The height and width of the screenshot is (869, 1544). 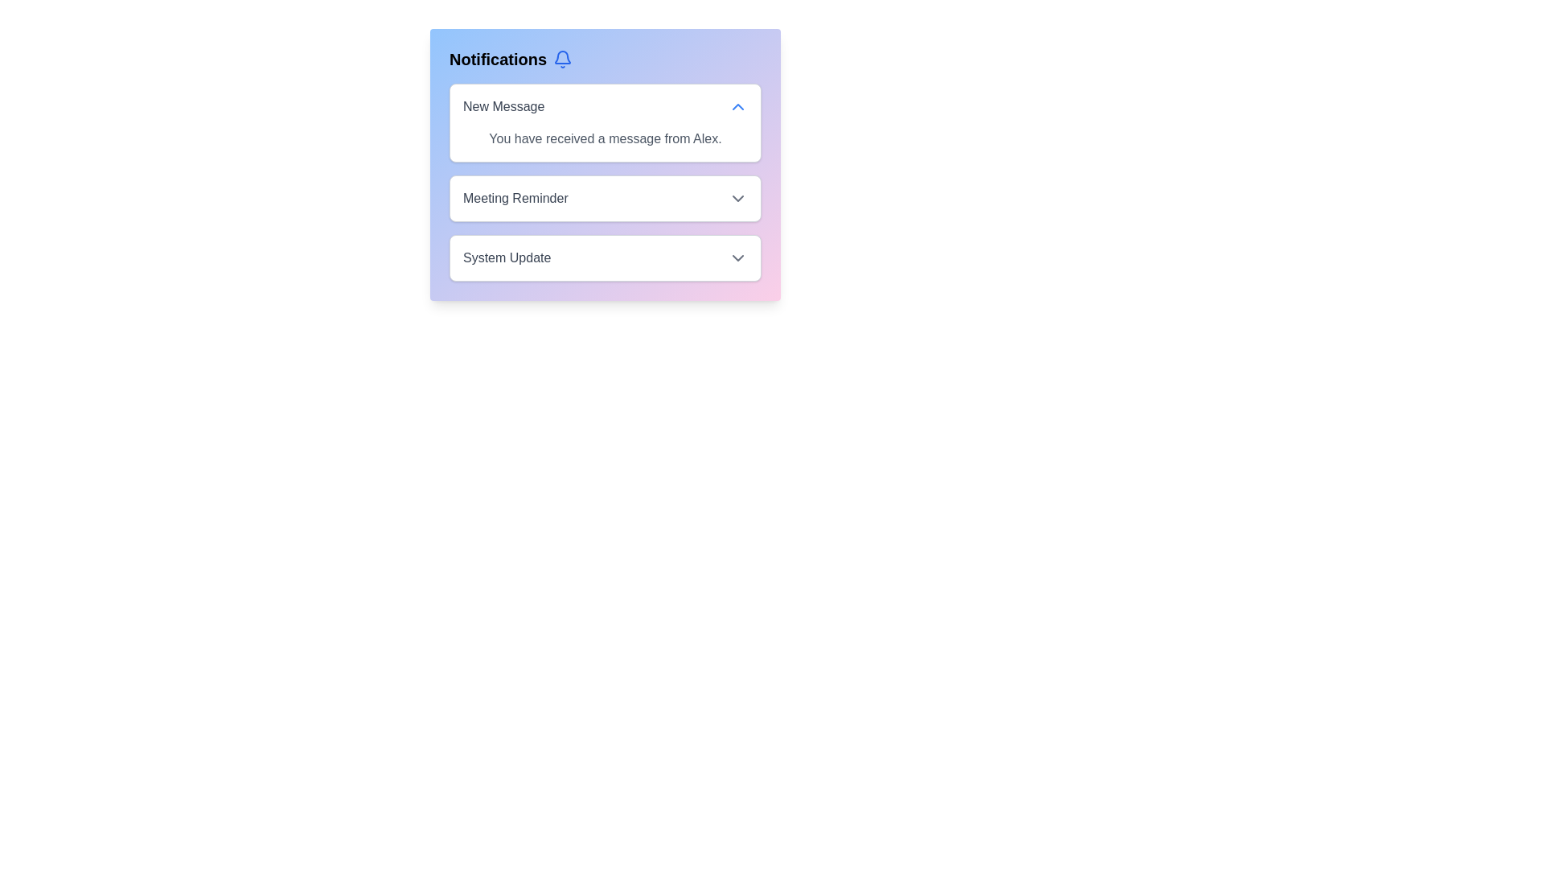 I want to click on the downward-pointing arrow icon next to the 'System Update' text, so click(x=737, y=257).